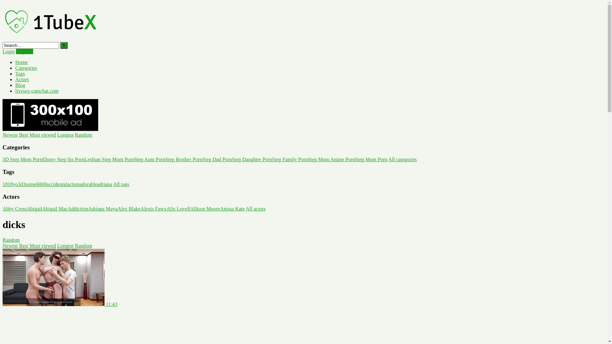 Image resolution: width=612 pixels, height=344 pixels. Describe the element at coordinates (66, 134) in the screenshot. I see `'Longest'` at that location.